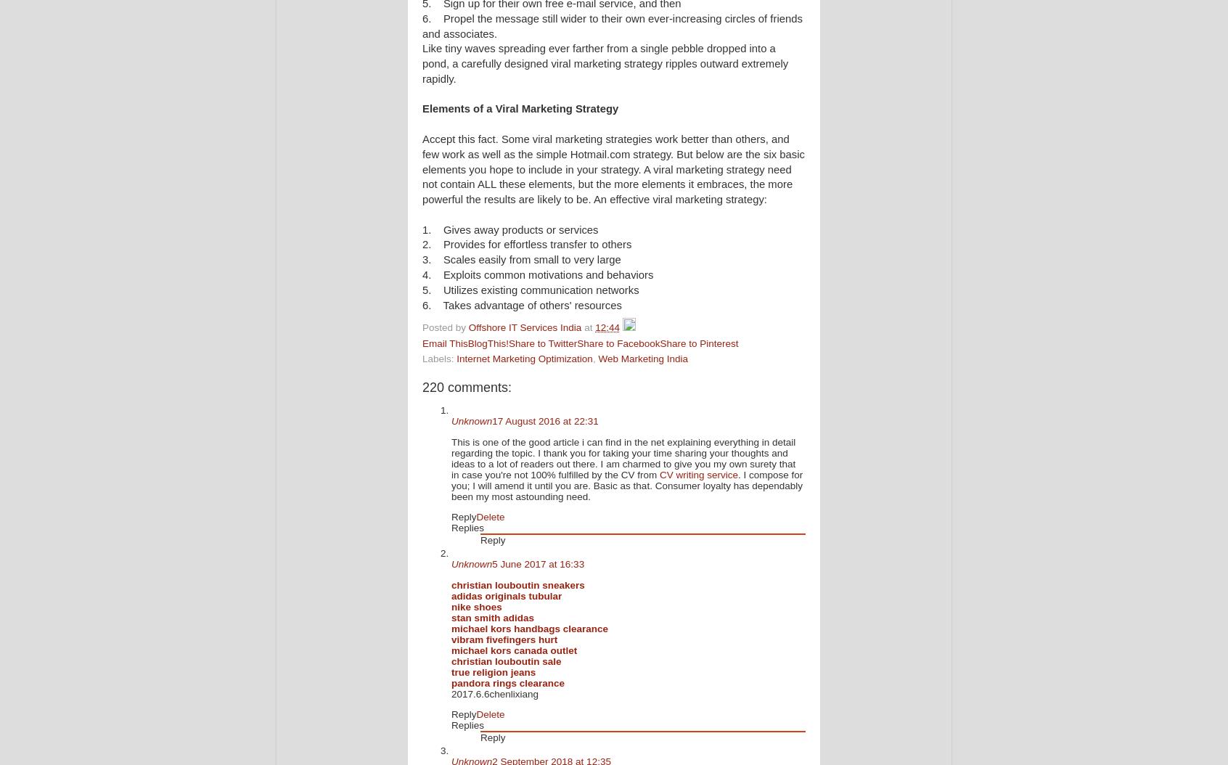 This screenshot has height=765, width=1228. I want to click on '12:44', so click(607, 327).